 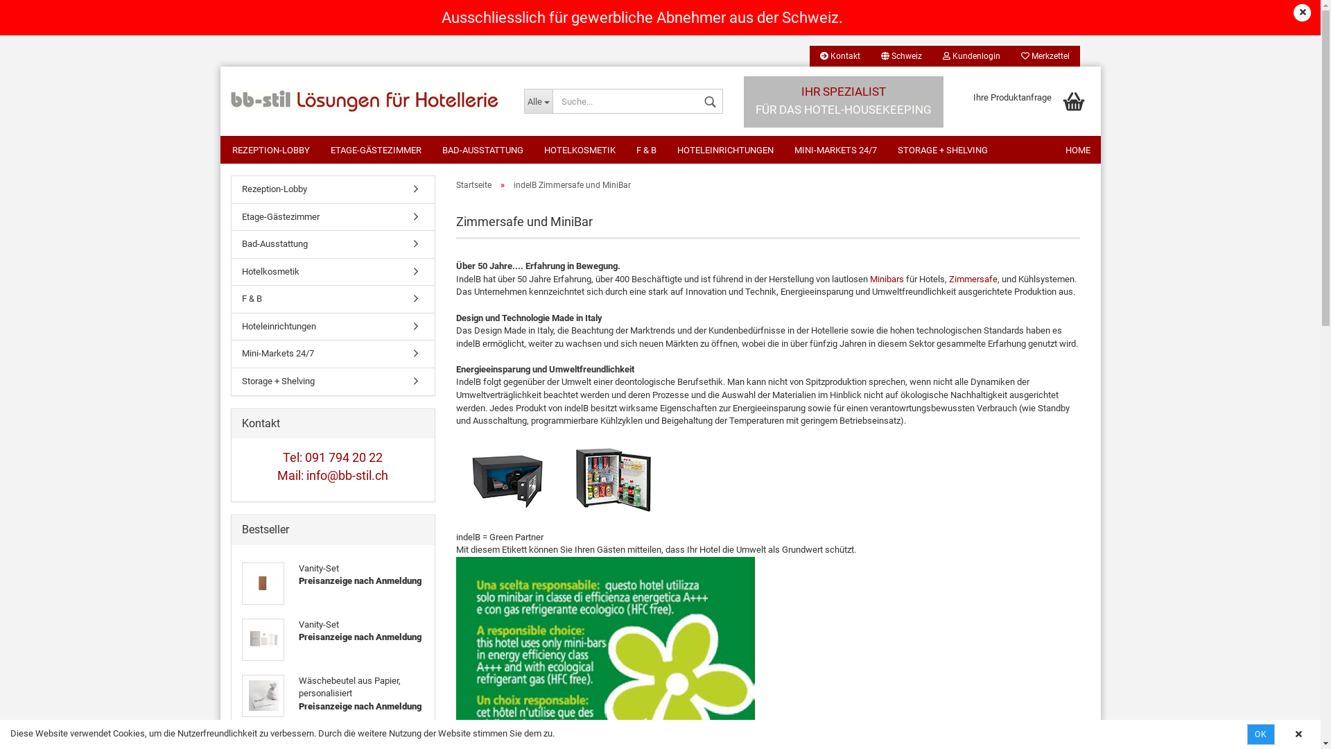 What do you see at coordinates (455, 184) in the screenshot?
I see `'Startseite'` at bounding box center [455, 184].